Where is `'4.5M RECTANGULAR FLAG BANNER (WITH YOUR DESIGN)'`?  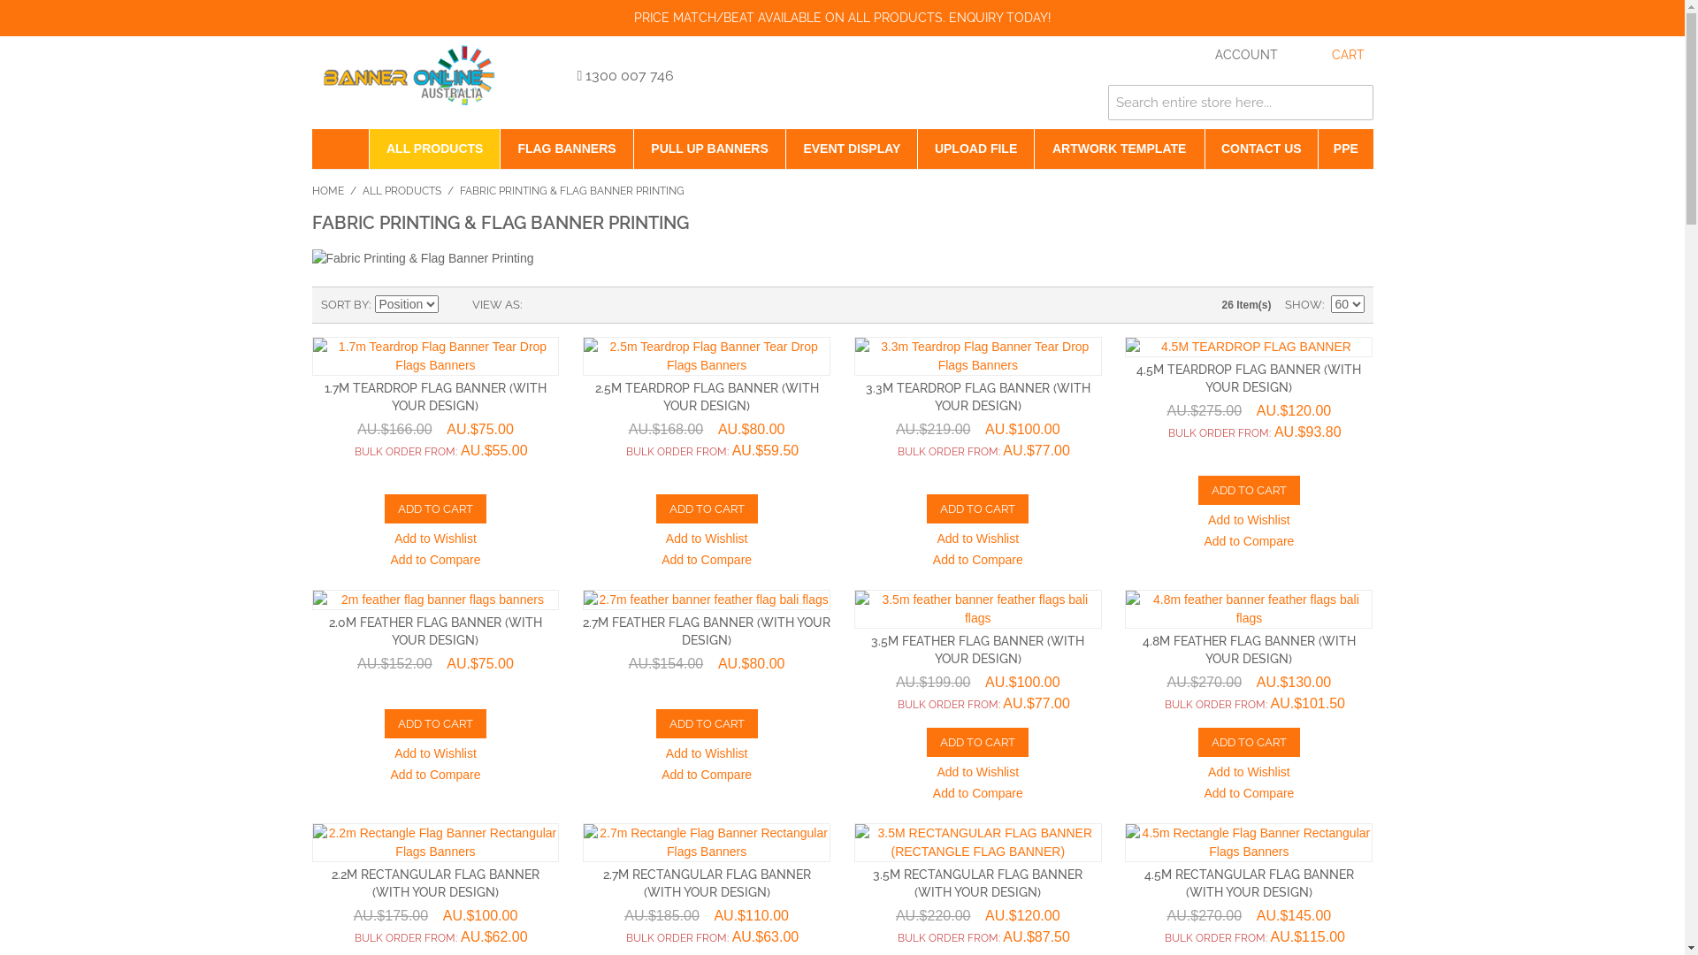 '4.5M RECTANGULAR FLAG BANNER (WITH YOUR DESIGN)' is located at coordinates (1248, 883).